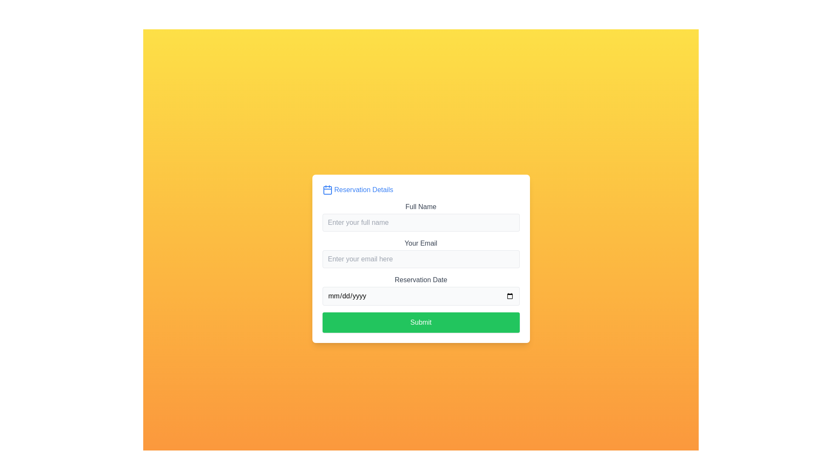 The height and width of the screenshot is (459, 816). I want to click on the 'Full Name' label, which is a text label in dark gray font above the input field for entering a full name, so click(421, 207).